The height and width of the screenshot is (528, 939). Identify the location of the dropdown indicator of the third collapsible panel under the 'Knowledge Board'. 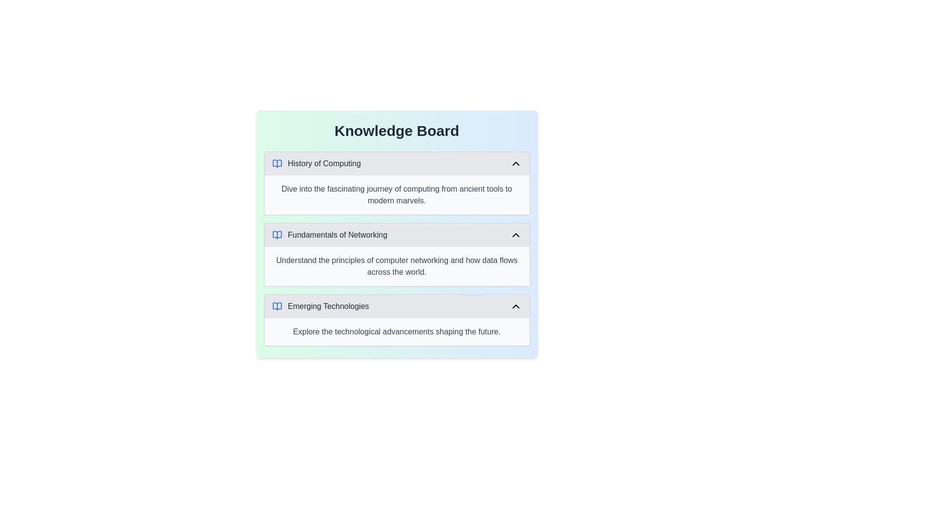
(397, 320).